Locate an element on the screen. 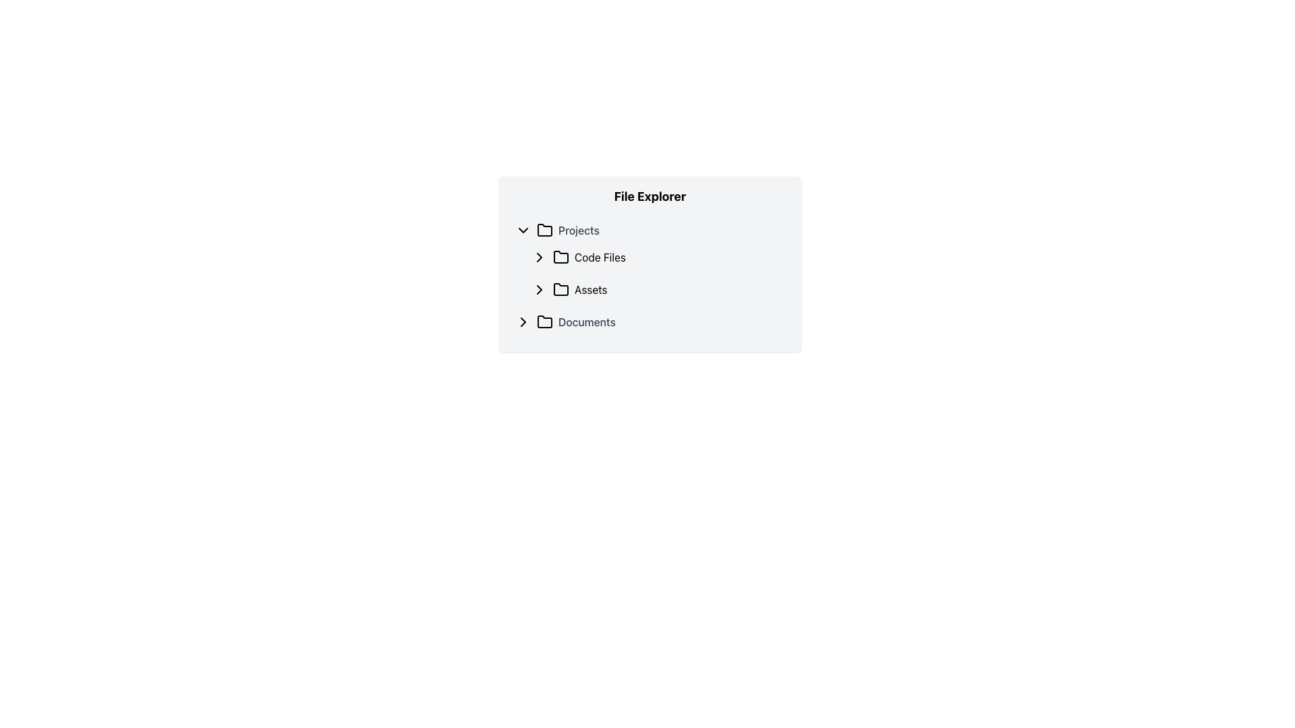 The height and width of the screenshot is (728, 1295). the folder icon, which is a monochromatic graphical representation with rounded corners, located next to the text 'Documents' in the file explorer interface is located at coordinates (544, 322).